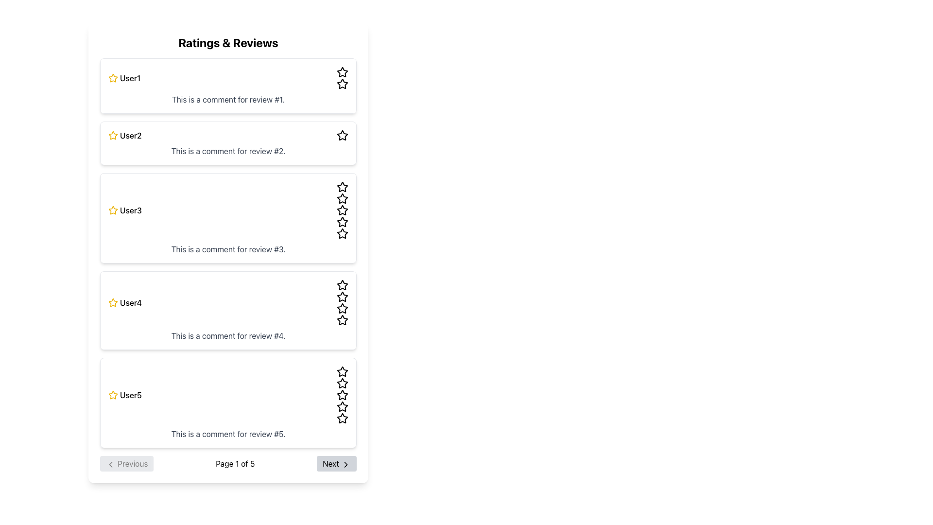  What do you see at coordinates (228, 434) in the screenshot?
I see `the text within the text label reading 'This is a comment for review #5.', which is styled with gray text on a white background and located below the user name 'User5' and star rating elements` at bounding box center [228, 434].